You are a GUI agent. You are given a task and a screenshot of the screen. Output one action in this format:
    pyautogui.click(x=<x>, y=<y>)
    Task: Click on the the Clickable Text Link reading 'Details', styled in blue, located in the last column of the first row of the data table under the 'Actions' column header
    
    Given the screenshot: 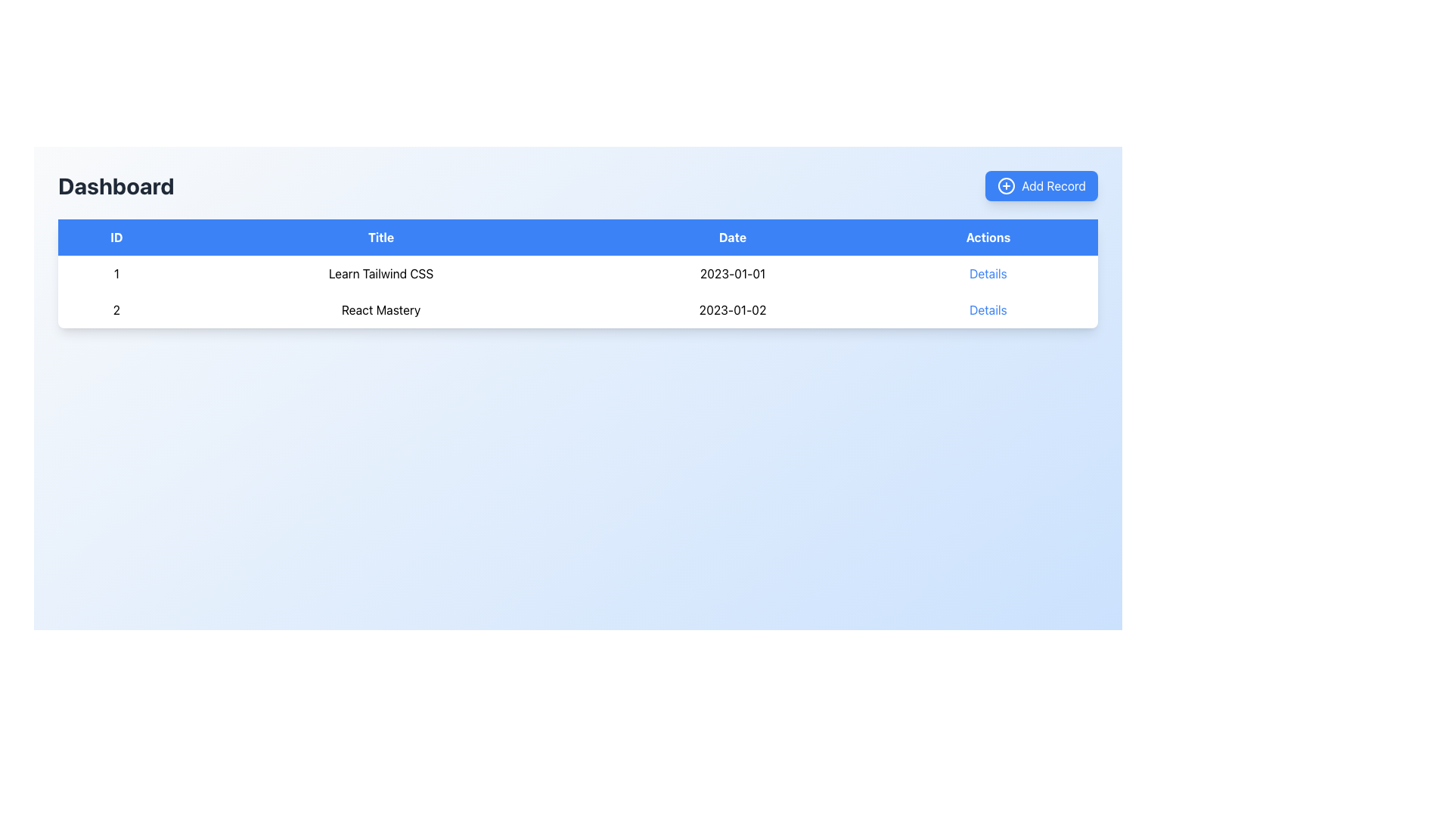 What is the action you would take?
    pyautogui.click(x=988, y=274)
    